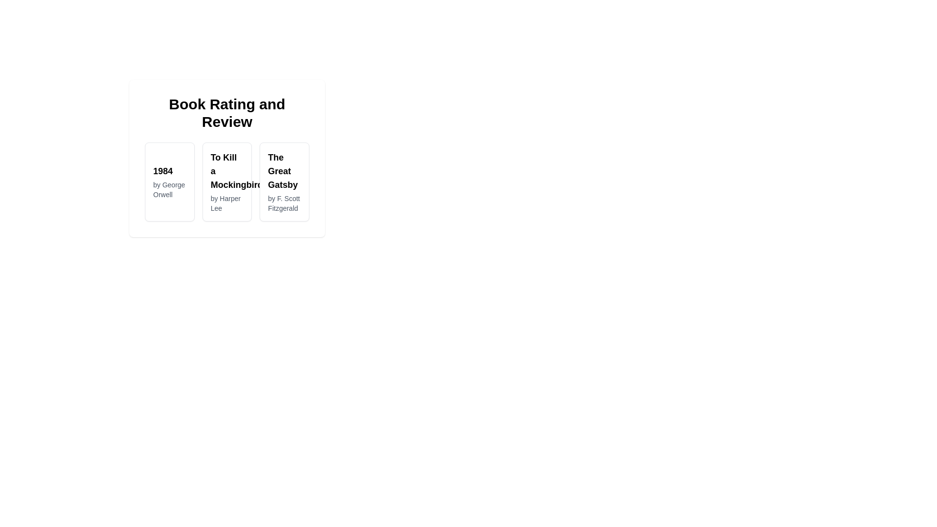  What do you see at coordinates (284, 203) in the screenshot?
I see `the text label displaying 'by F. Scott Fitzgerald' in light gray font` at bounding box center [284, 203].